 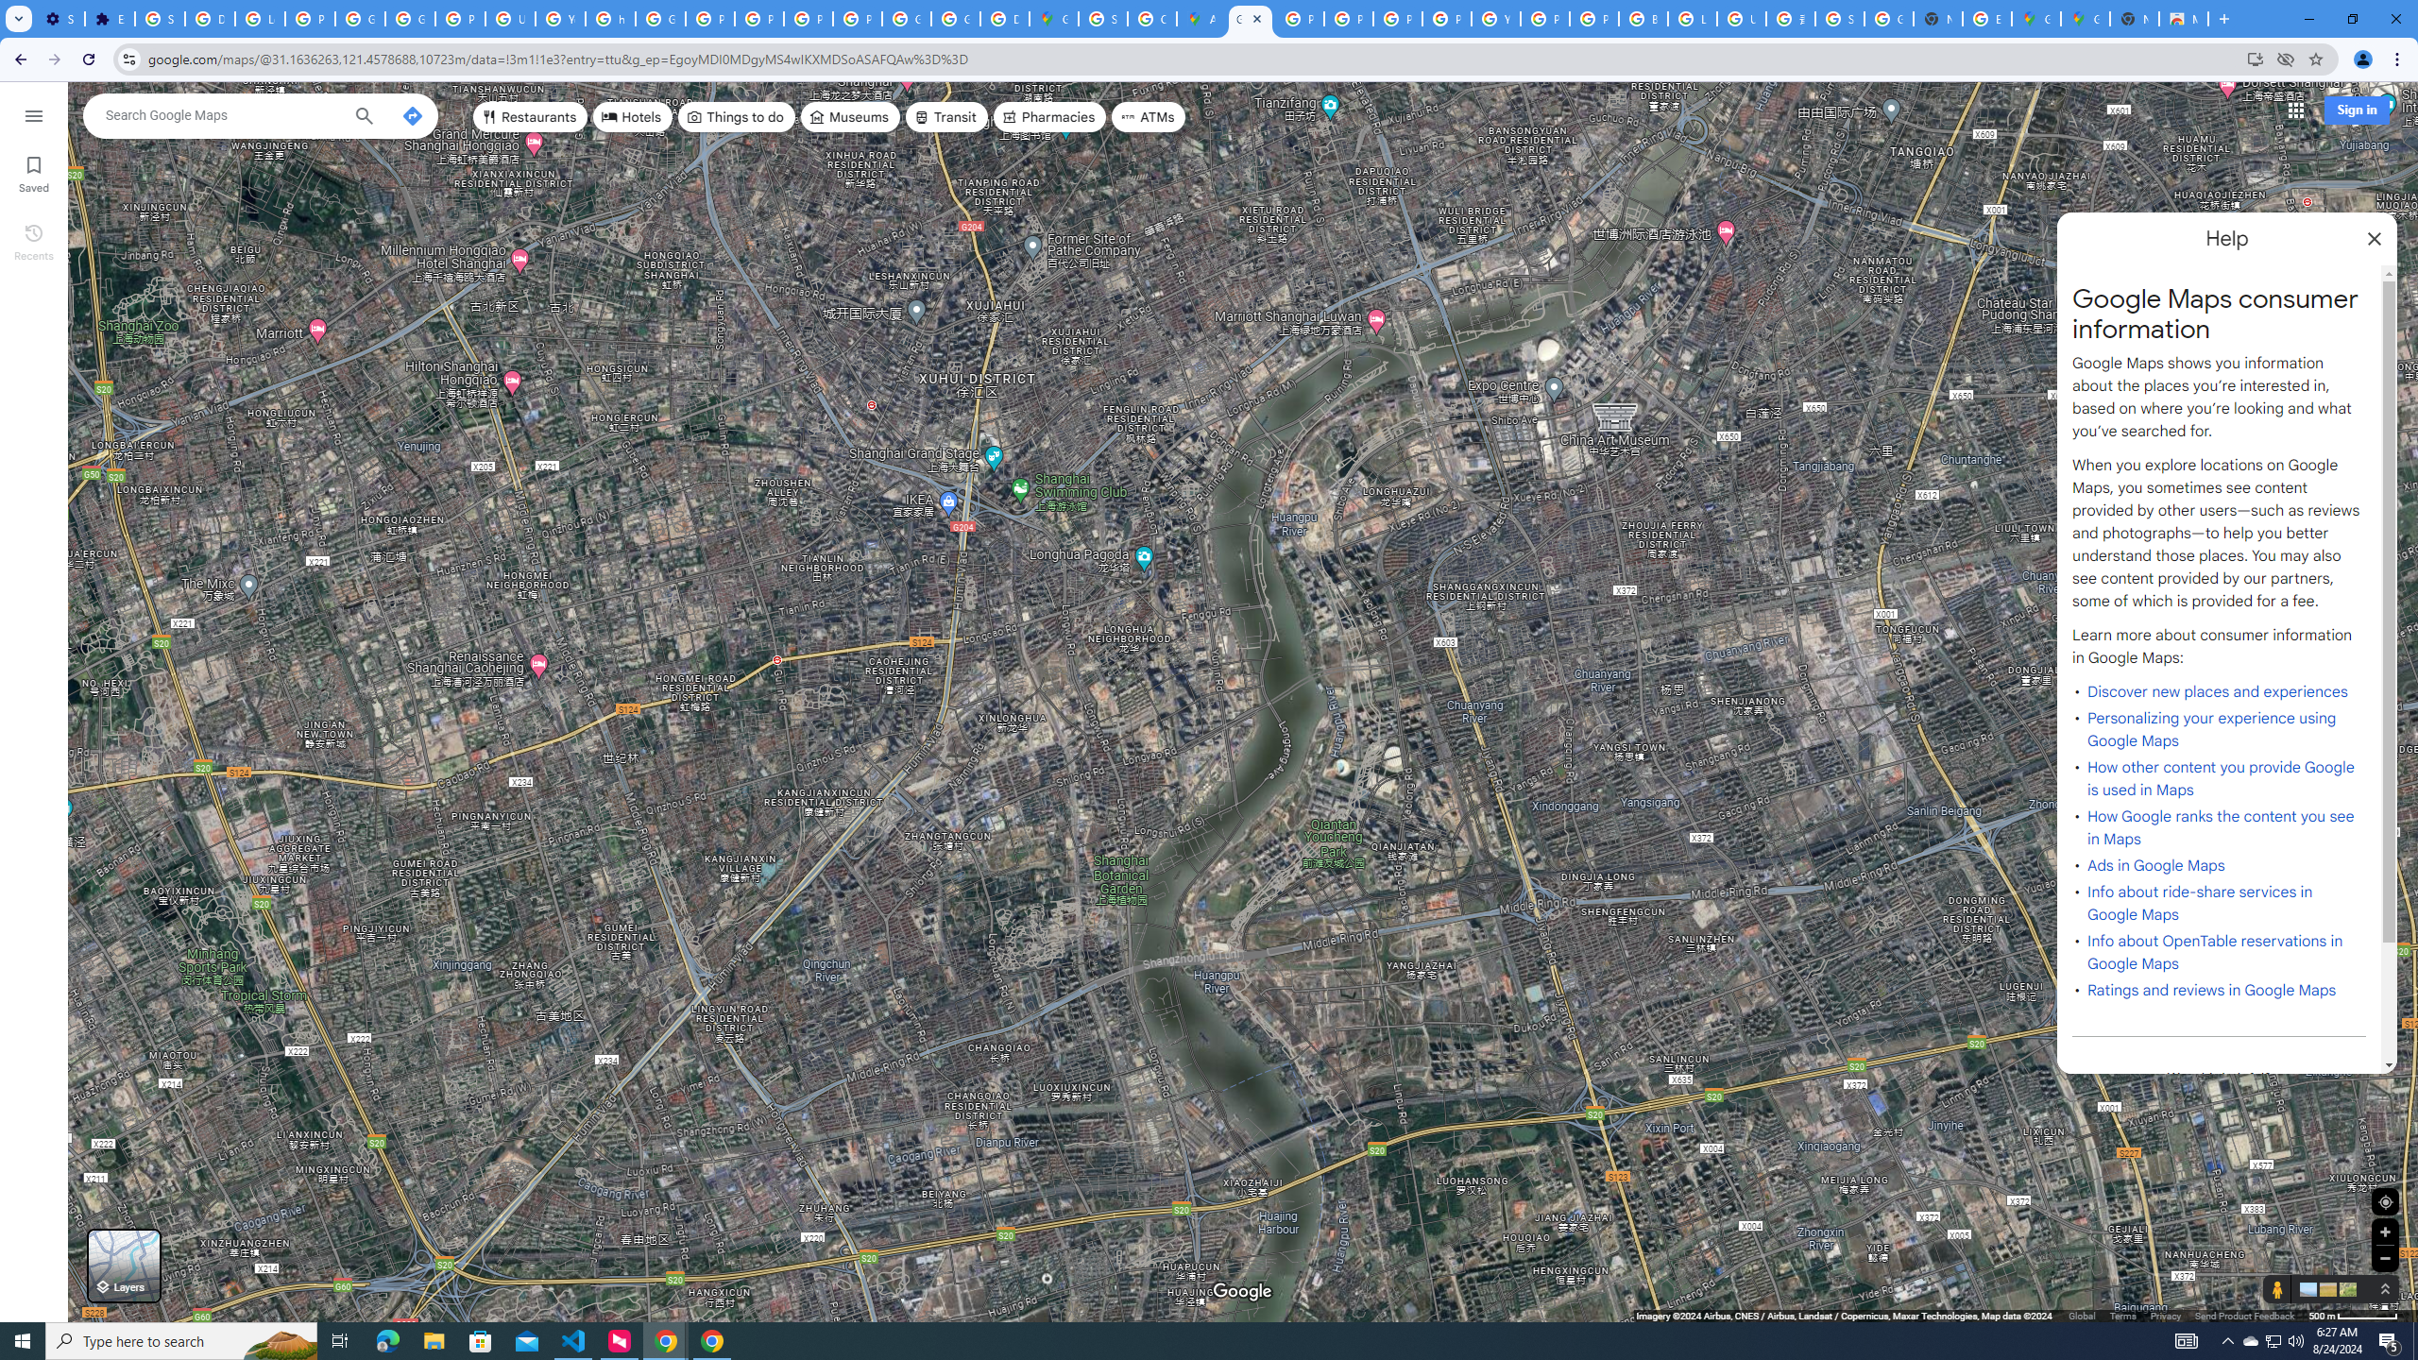 What do you see at coordinates (2256, 58) in the screenshot?
I see `'Install Google Maps'` at bounding box center [2256, 58].